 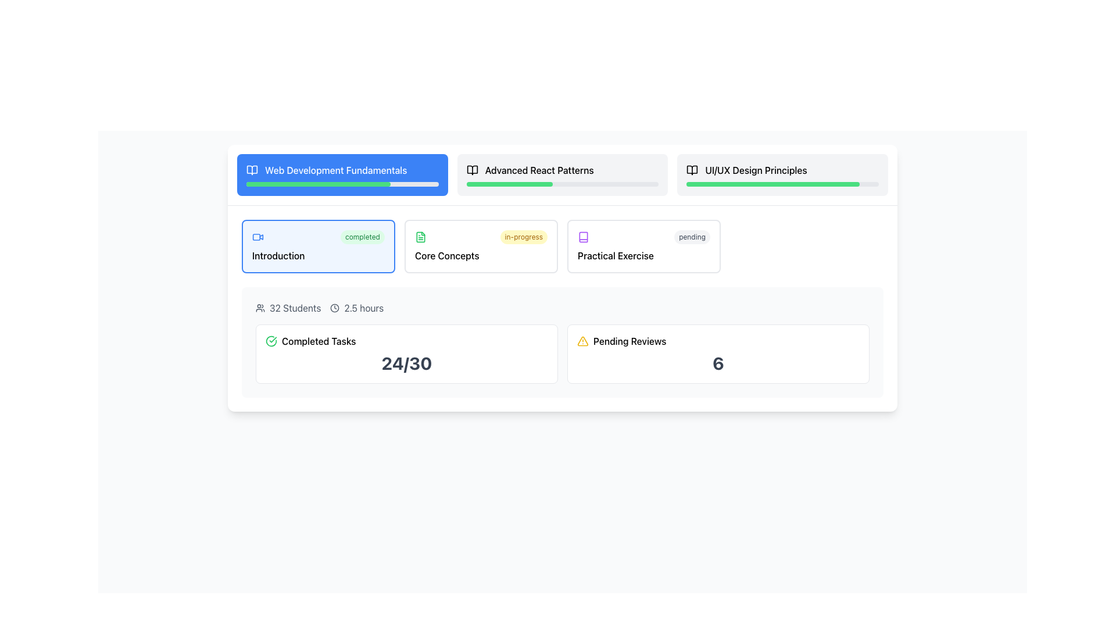 What do you see at coordinates (407, 354) in the screenshot?
I see `displayed information from the Info card that summarizes the progress of completed tasks out of a total, positioned in the left section of a two-column grid layout` at bounding box center [407, 354].